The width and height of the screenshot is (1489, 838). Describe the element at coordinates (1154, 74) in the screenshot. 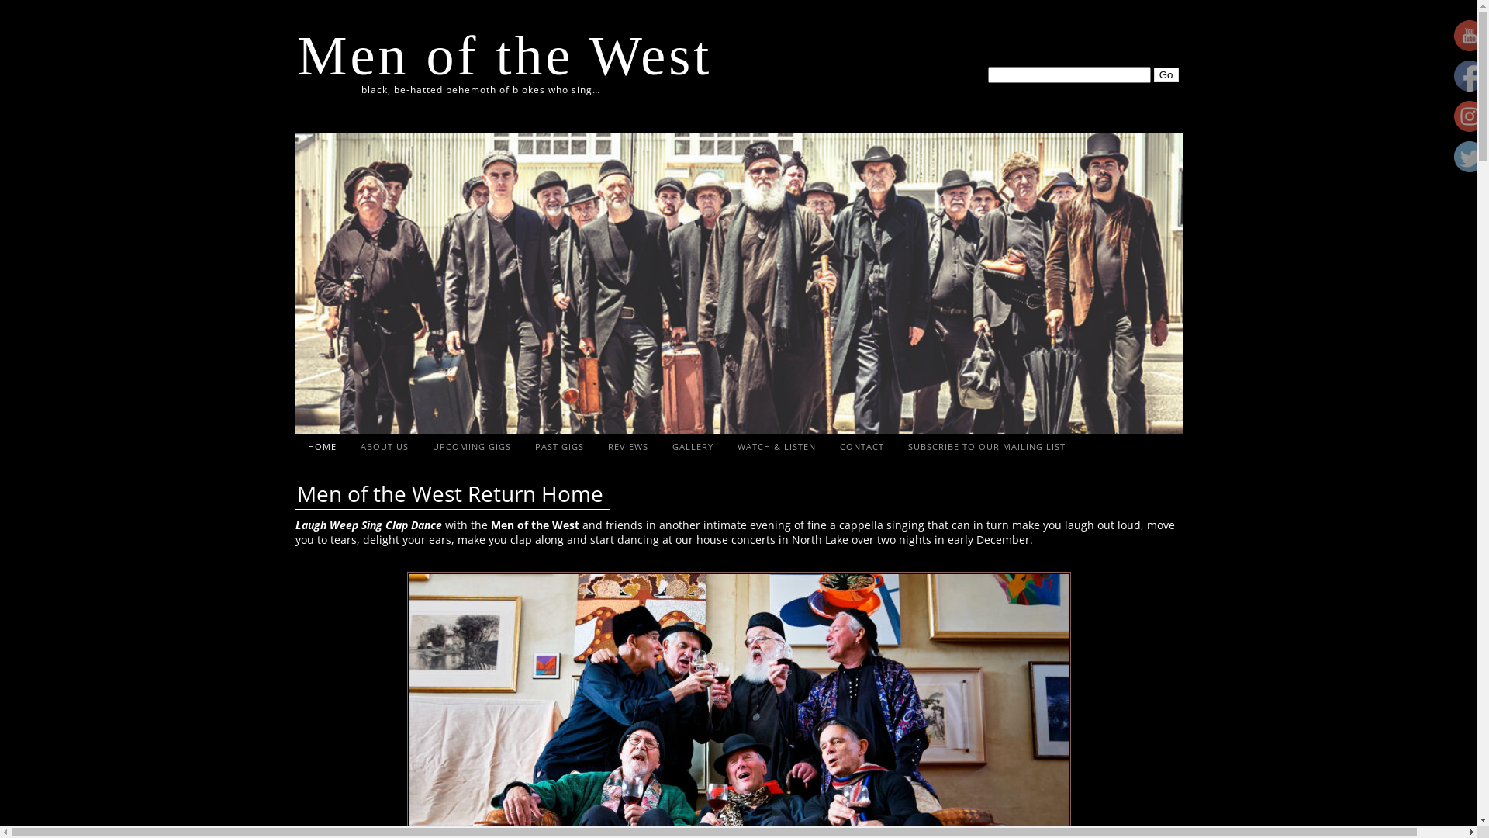

I see `'Go'` at that location.